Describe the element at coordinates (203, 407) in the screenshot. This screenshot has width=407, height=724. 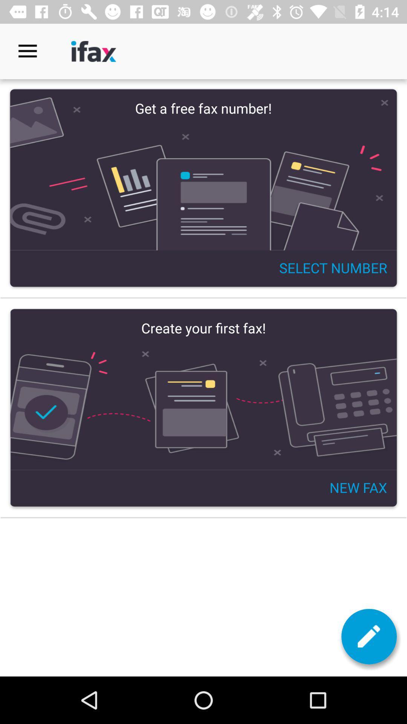
I see `new fax` at that location.